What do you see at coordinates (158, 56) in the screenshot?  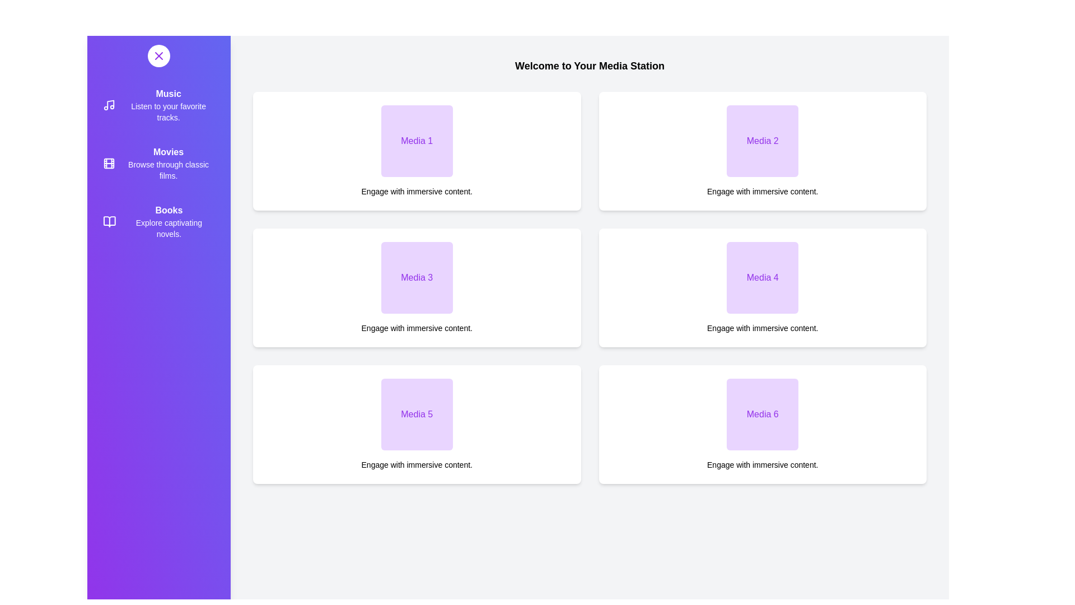 I see `button to toggle the MediaDrawer` at bounding box center [158, 56].